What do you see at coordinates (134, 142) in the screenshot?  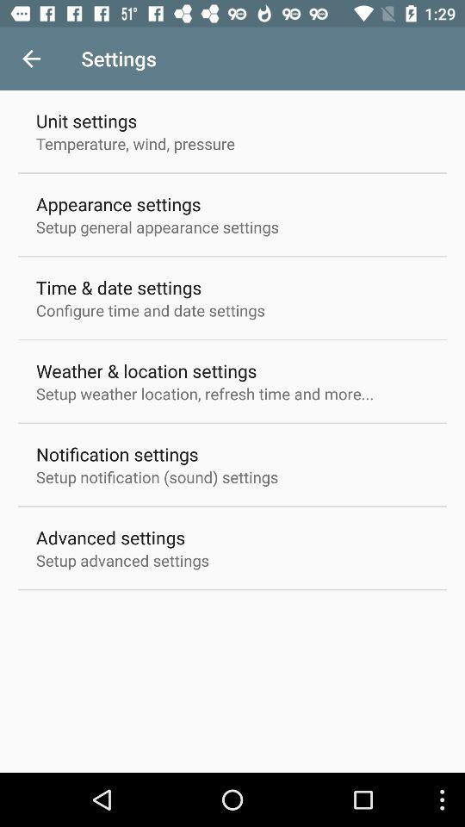 I see `the icon below unit settings` at bounding box center [134, 142].